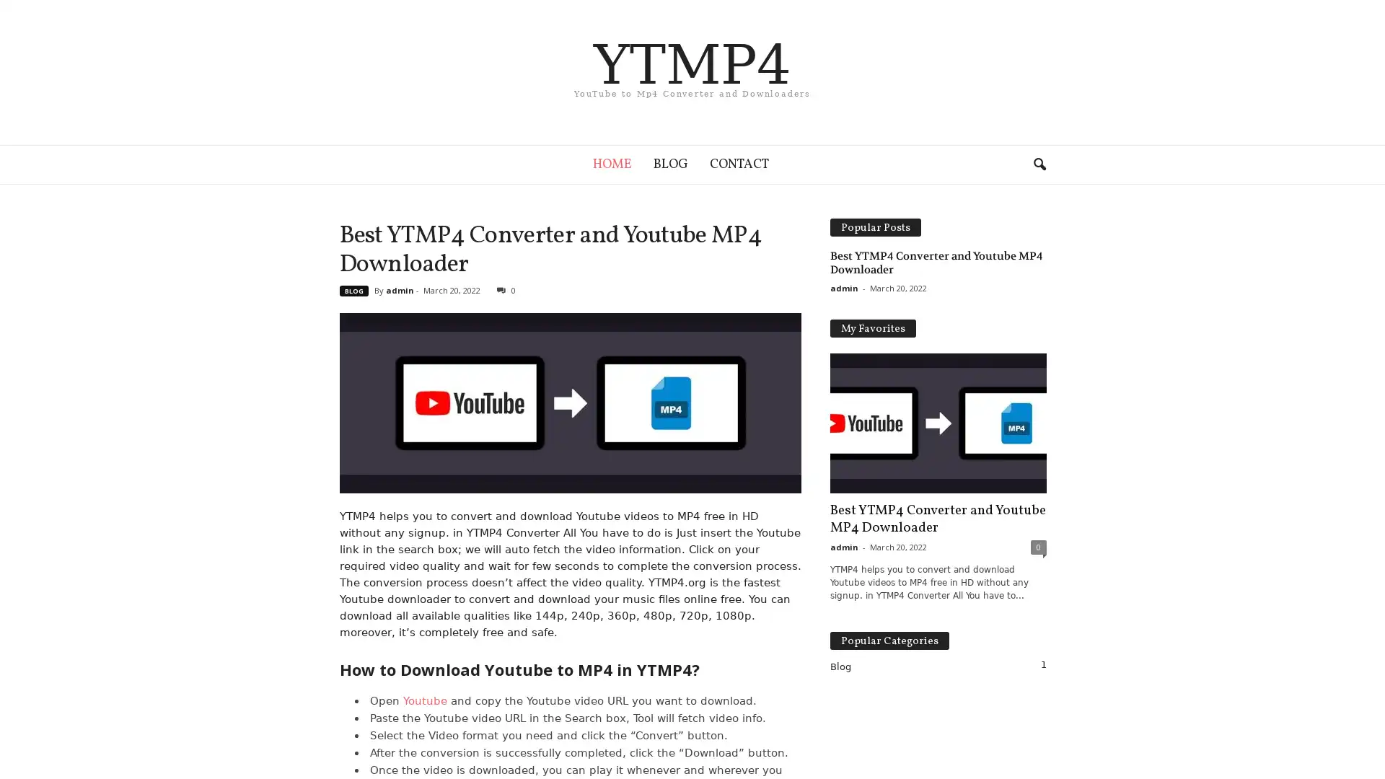  I want to click on search icon, so click(1039, 163).